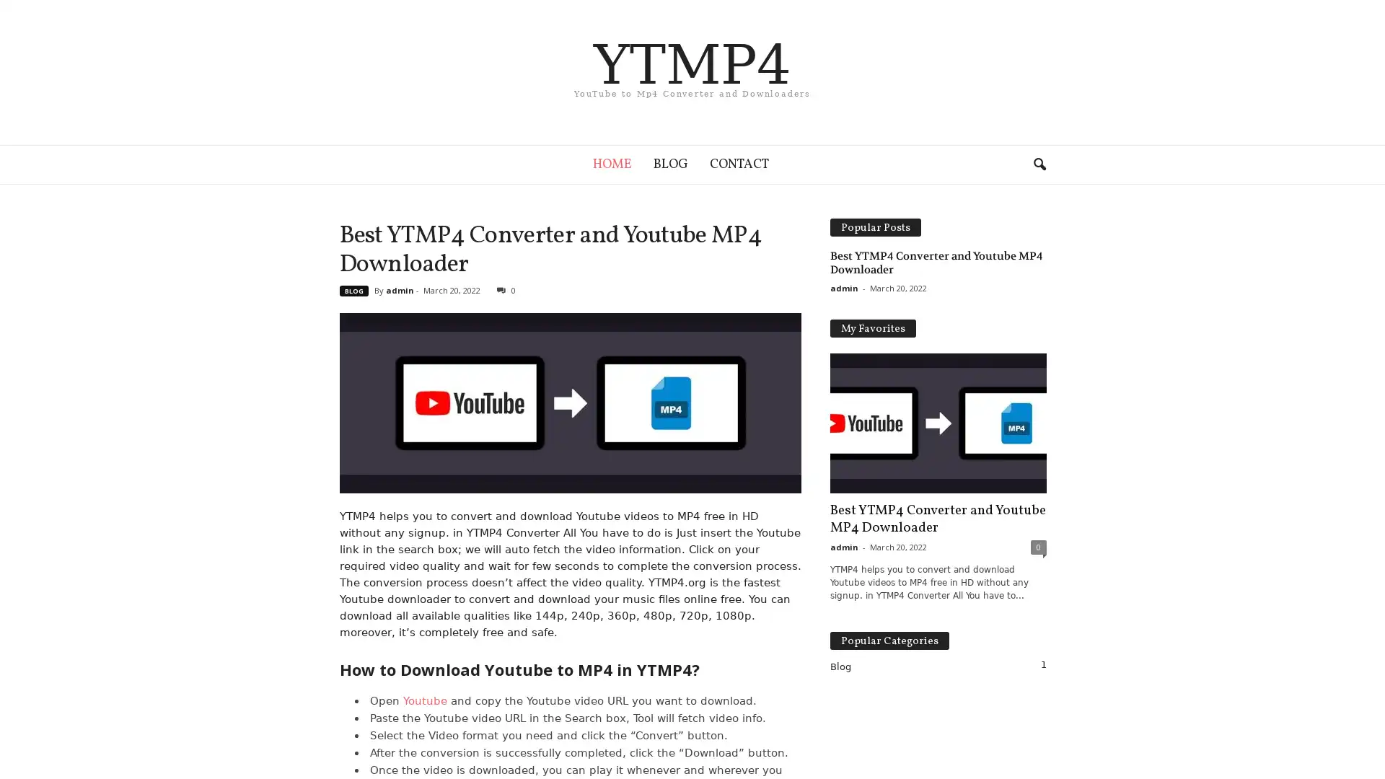  I want to click on search icon, so click(1039, 163).